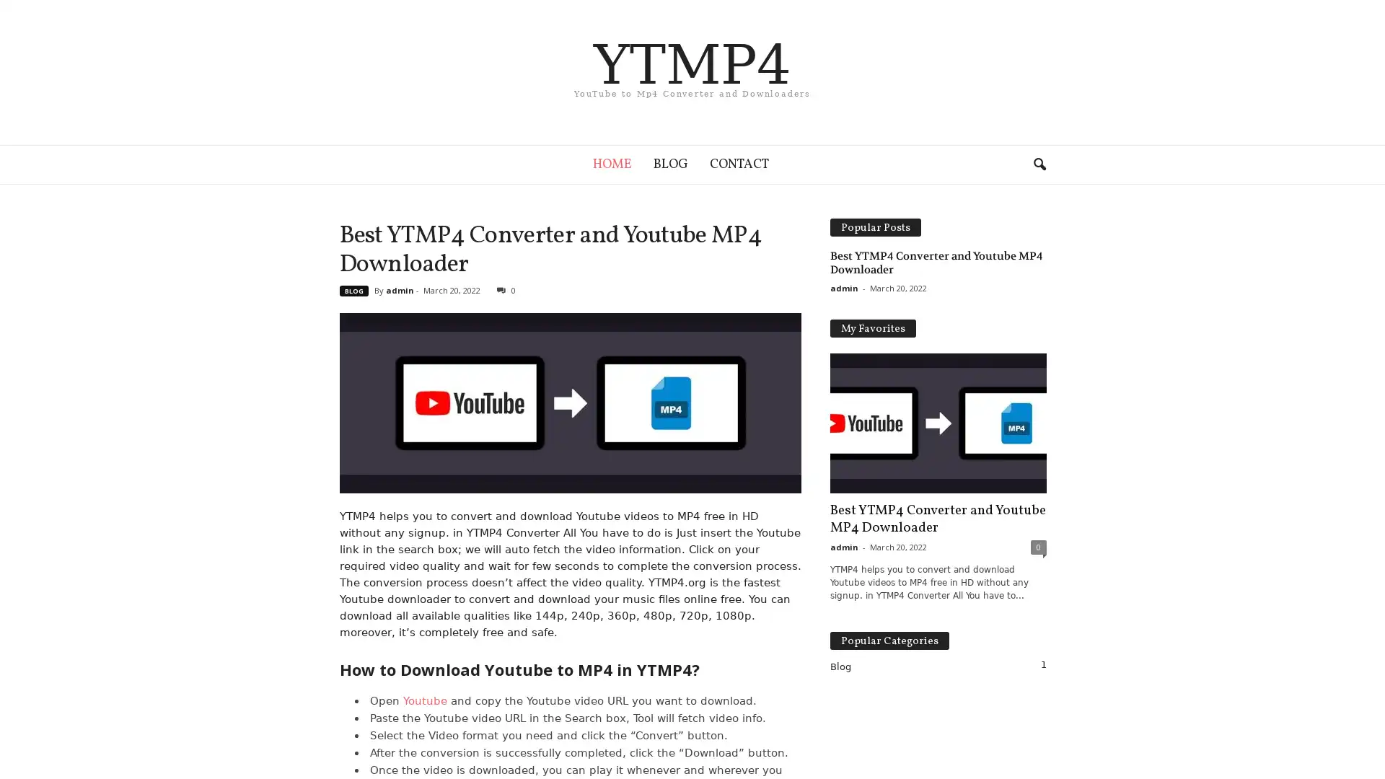  I want to click on search icon, so click(1039, 163).